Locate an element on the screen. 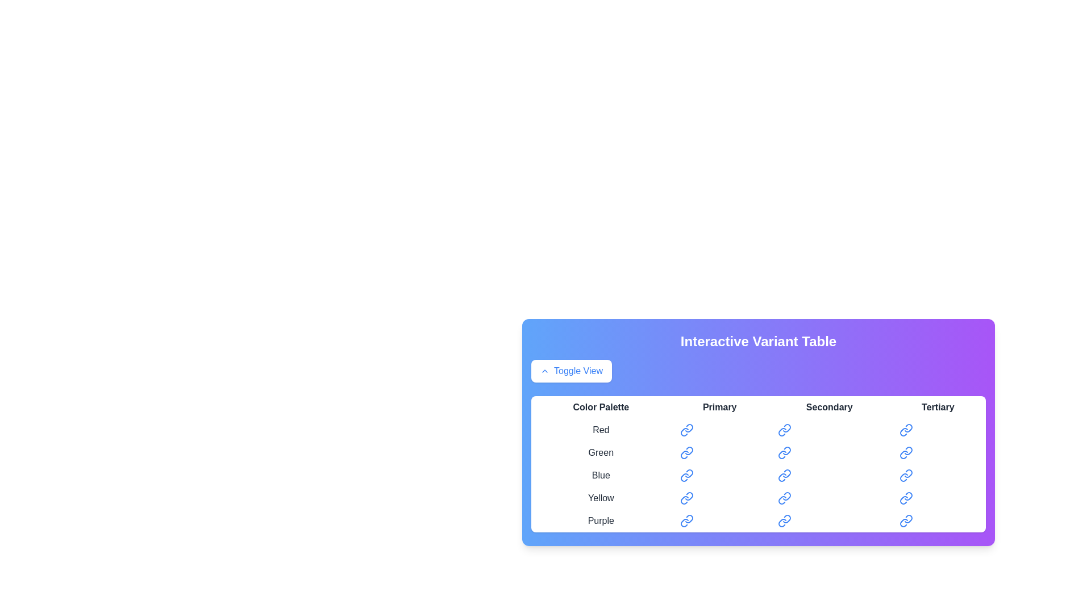 The width and height of the screenshot is (1091, 613). the first icon in the 'Tertiary' column of the table that represents a link for the 'Green' color palette is located at coordinates (907, 450).